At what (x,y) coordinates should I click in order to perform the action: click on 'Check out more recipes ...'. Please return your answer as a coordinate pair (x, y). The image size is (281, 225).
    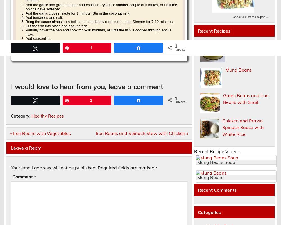
    Looking at the image, I should click on (250, 16).